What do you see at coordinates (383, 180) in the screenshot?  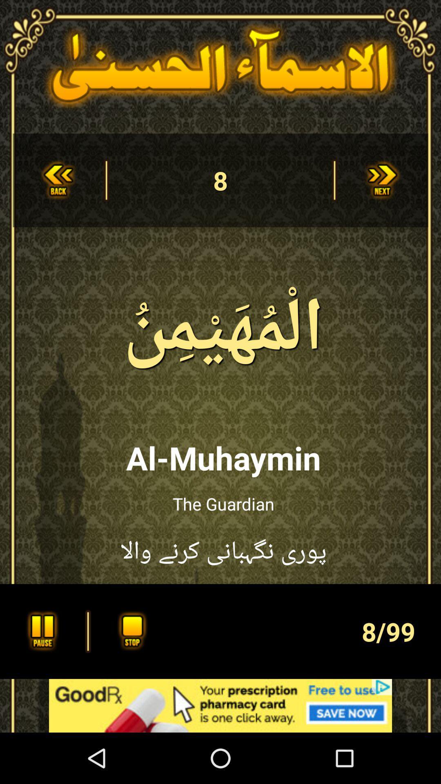 I see `next` at bounding box center [383, 180].